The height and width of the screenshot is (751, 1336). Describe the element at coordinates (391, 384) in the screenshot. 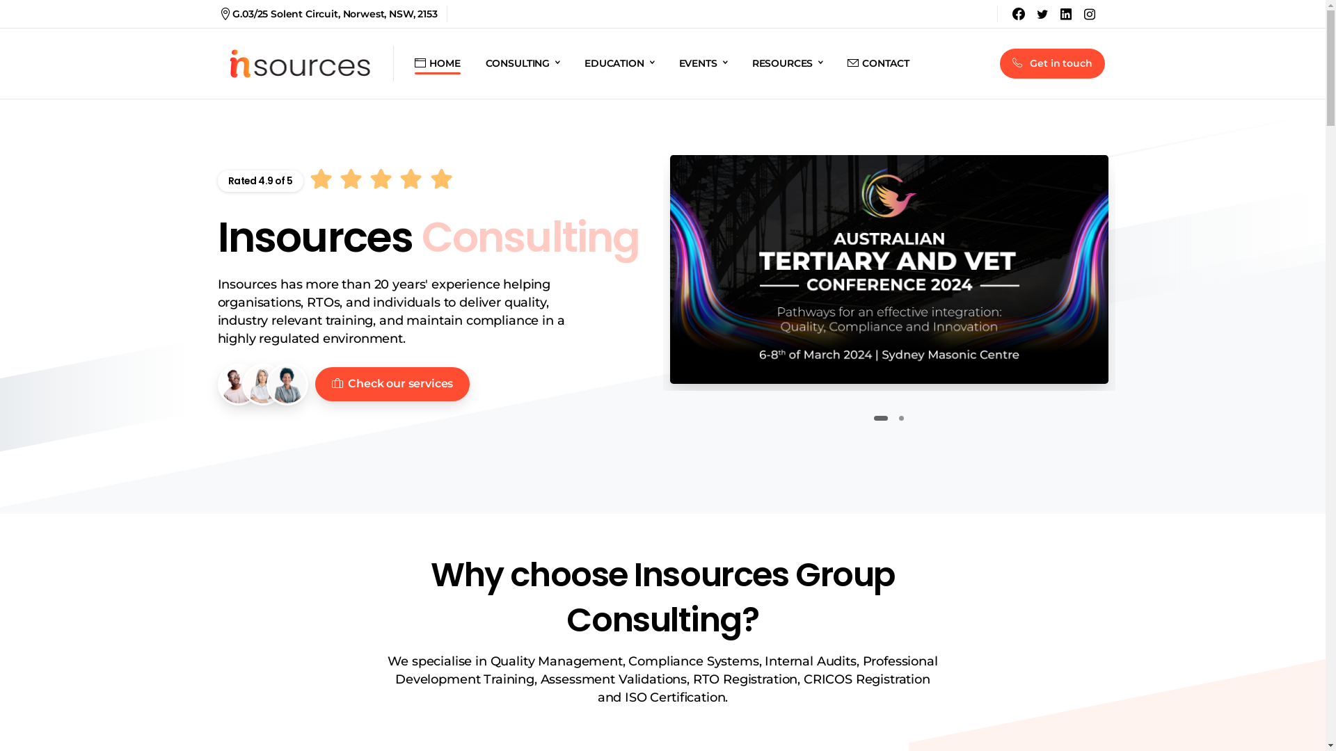

I see `'Check our services'` at that location.